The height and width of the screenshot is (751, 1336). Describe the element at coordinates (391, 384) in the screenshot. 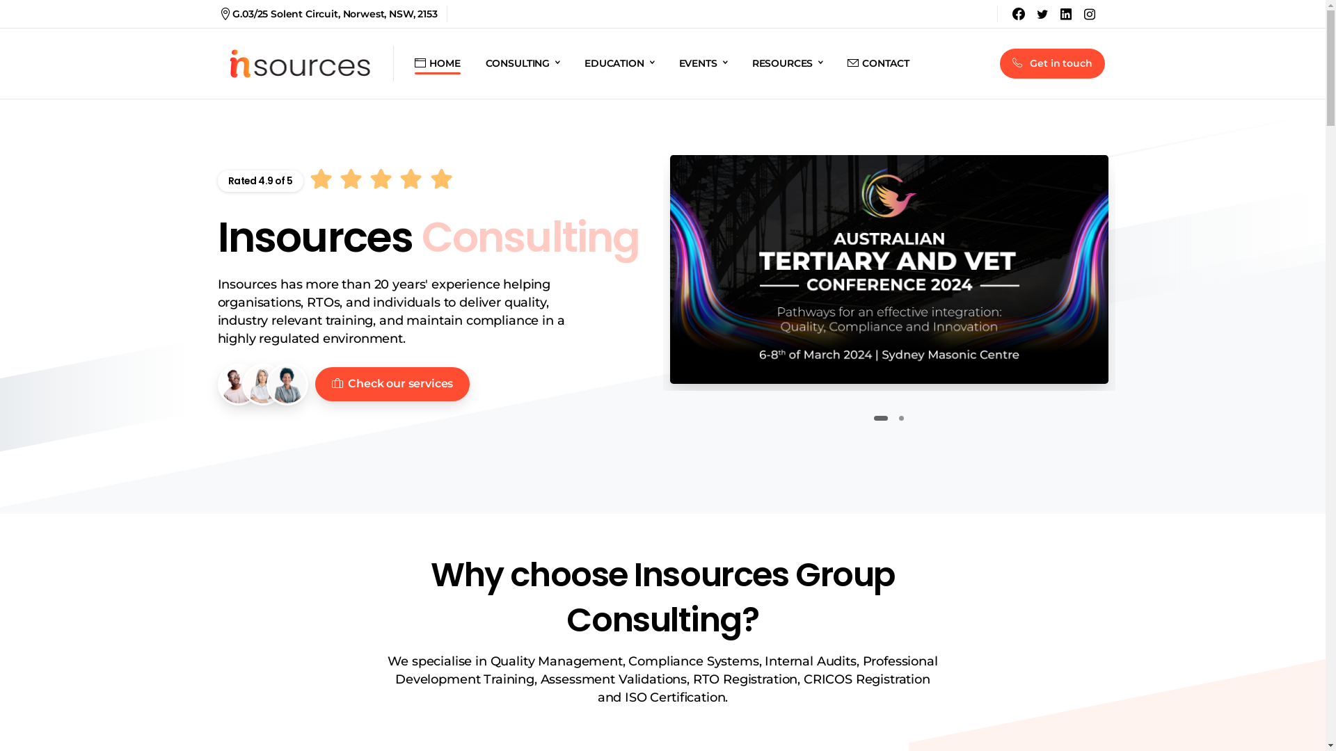

I see `'Check our services'` at that location.